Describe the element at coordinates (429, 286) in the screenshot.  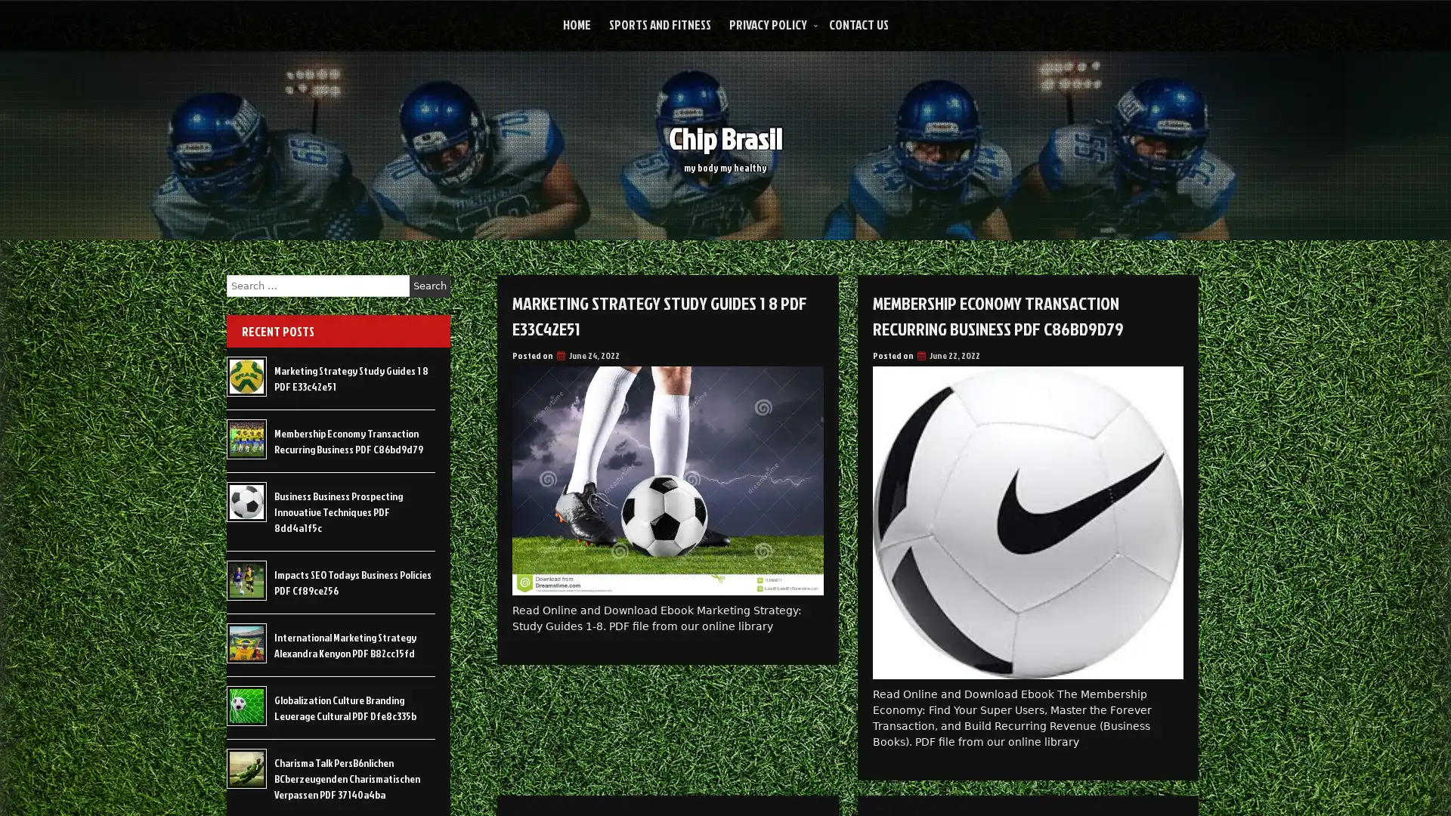
I see `Search` at that location.